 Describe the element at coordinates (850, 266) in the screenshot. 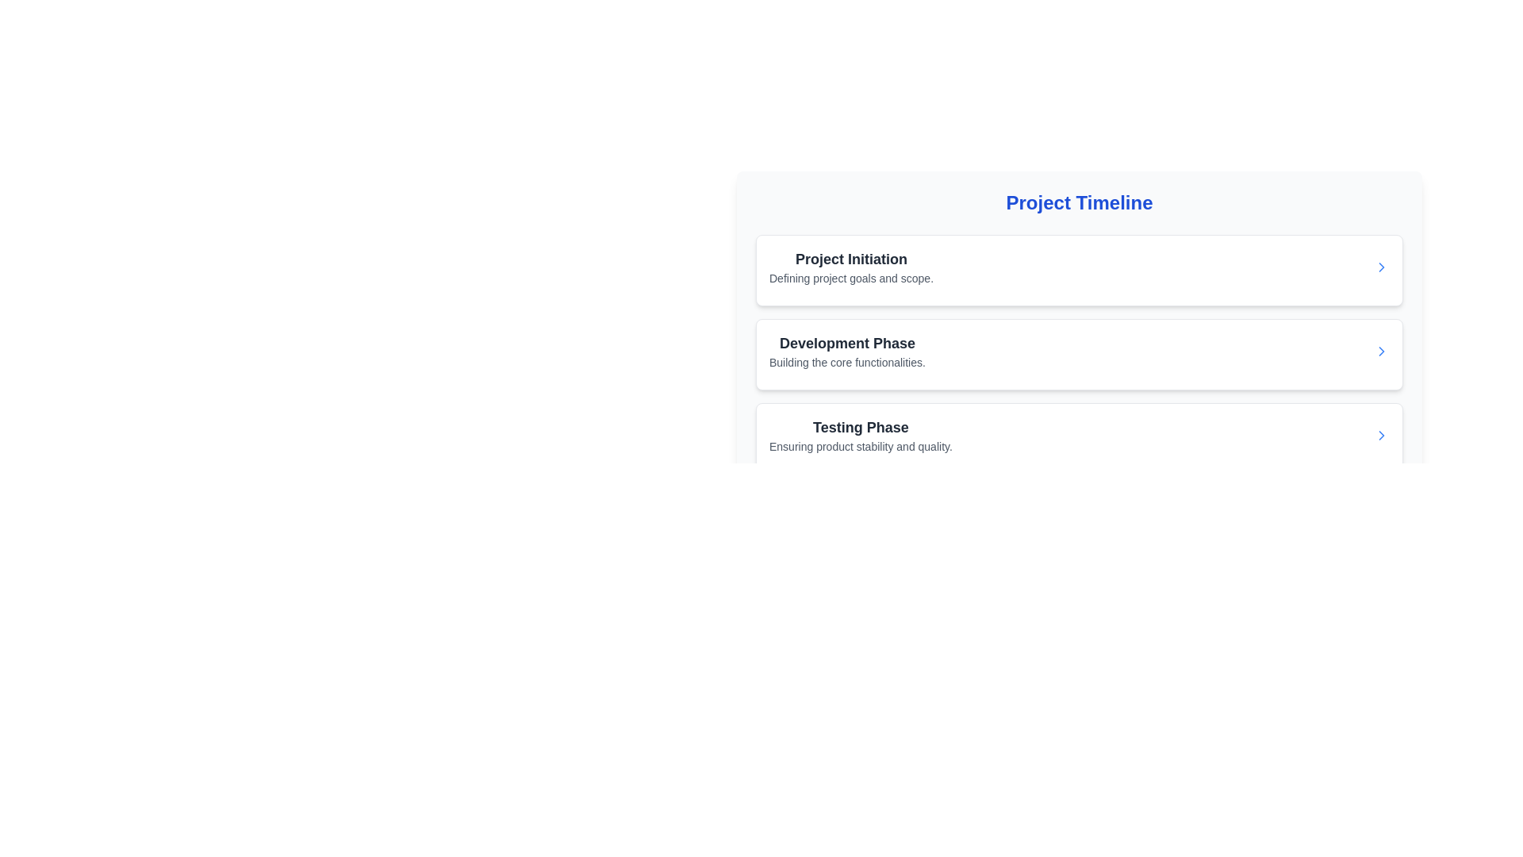

I see `the static text block that serves as the title and description for the first phase in a multi-step process, located at the top of the grouped vertical list of white cards` at that location.